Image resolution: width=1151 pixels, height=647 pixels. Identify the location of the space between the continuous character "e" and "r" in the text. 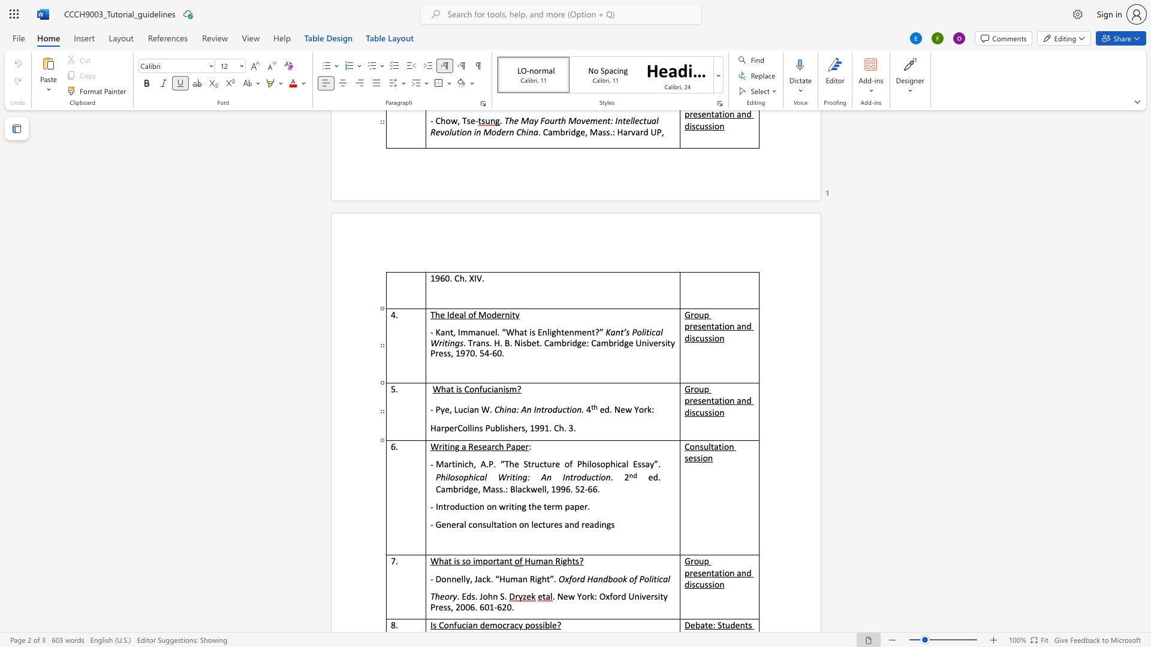
(525, 446).